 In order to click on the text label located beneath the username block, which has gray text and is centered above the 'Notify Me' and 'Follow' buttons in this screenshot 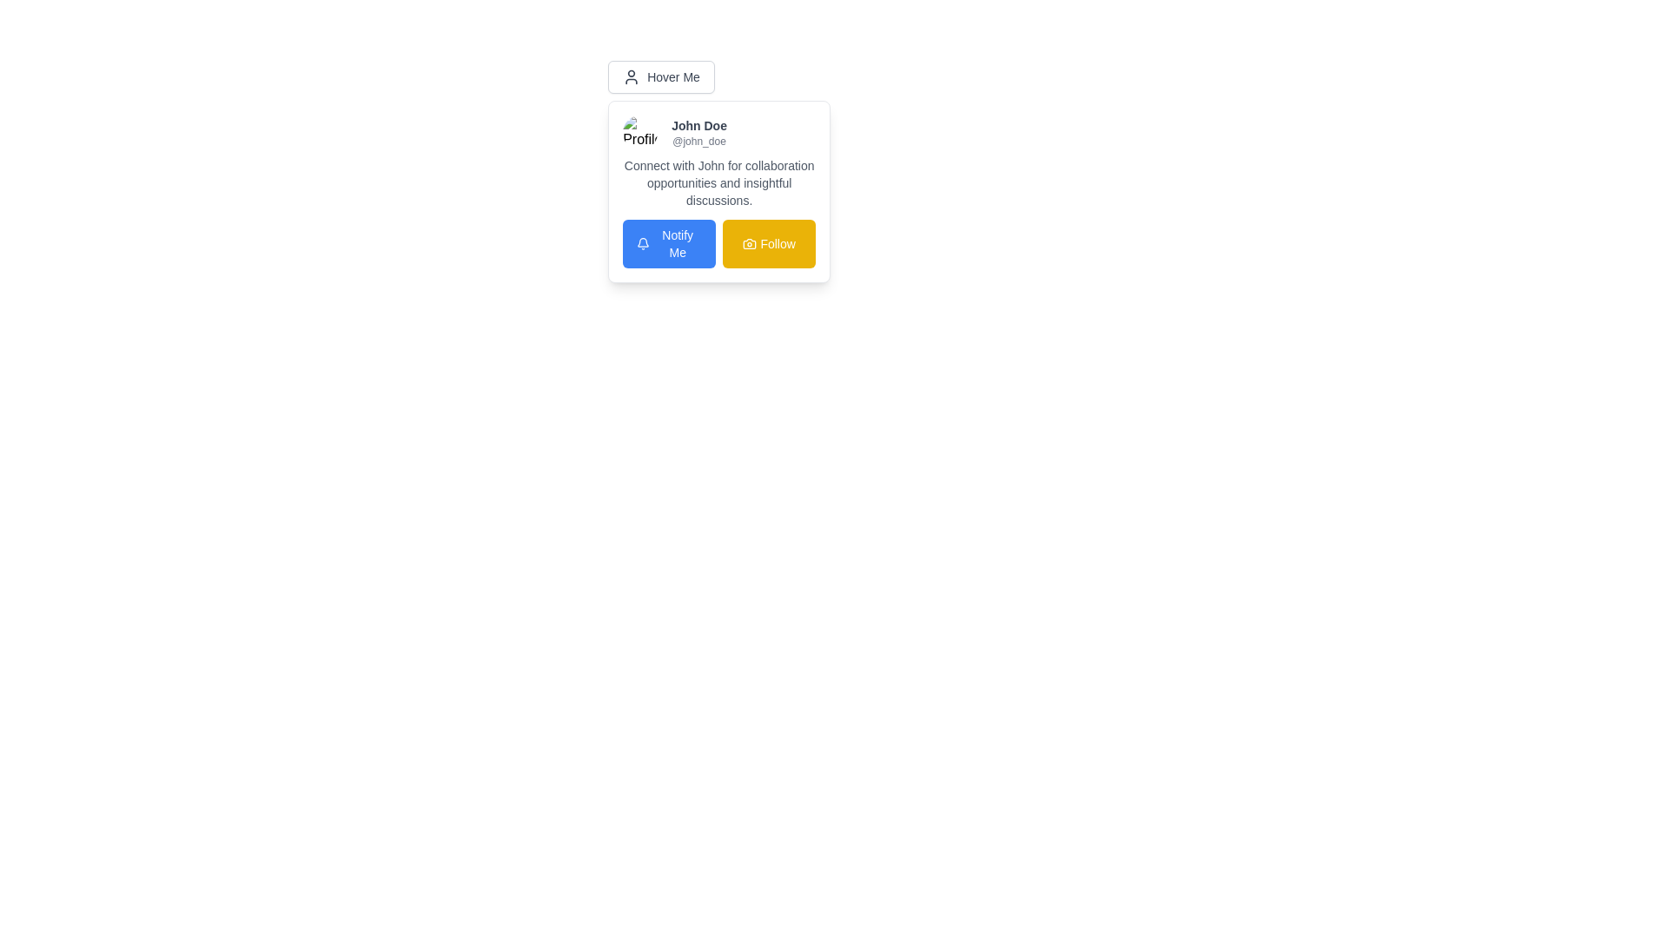, I will do `click(719, 183)`.